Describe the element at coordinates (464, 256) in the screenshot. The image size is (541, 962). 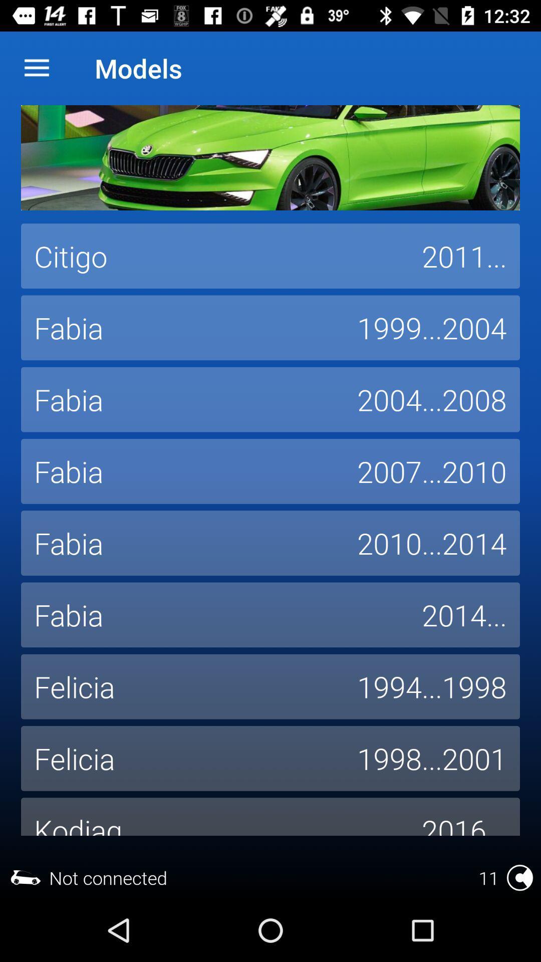
I see `item next to citigo` at that location.